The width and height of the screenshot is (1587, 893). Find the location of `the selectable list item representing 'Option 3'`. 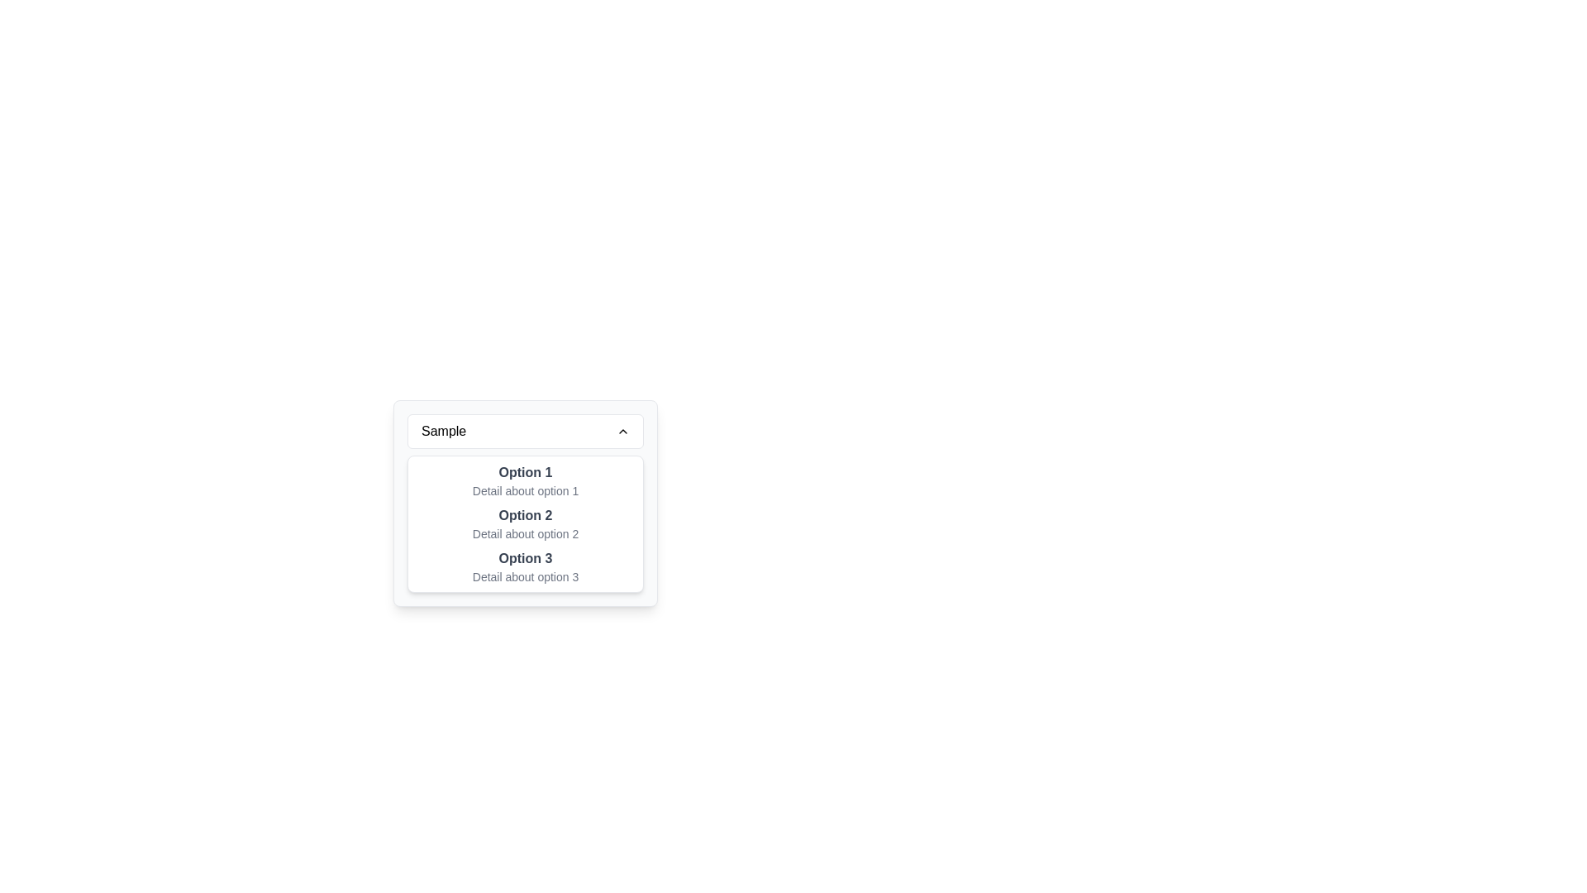

the selectable list item representing 'Option 3' is located at coordinates (524, 566).